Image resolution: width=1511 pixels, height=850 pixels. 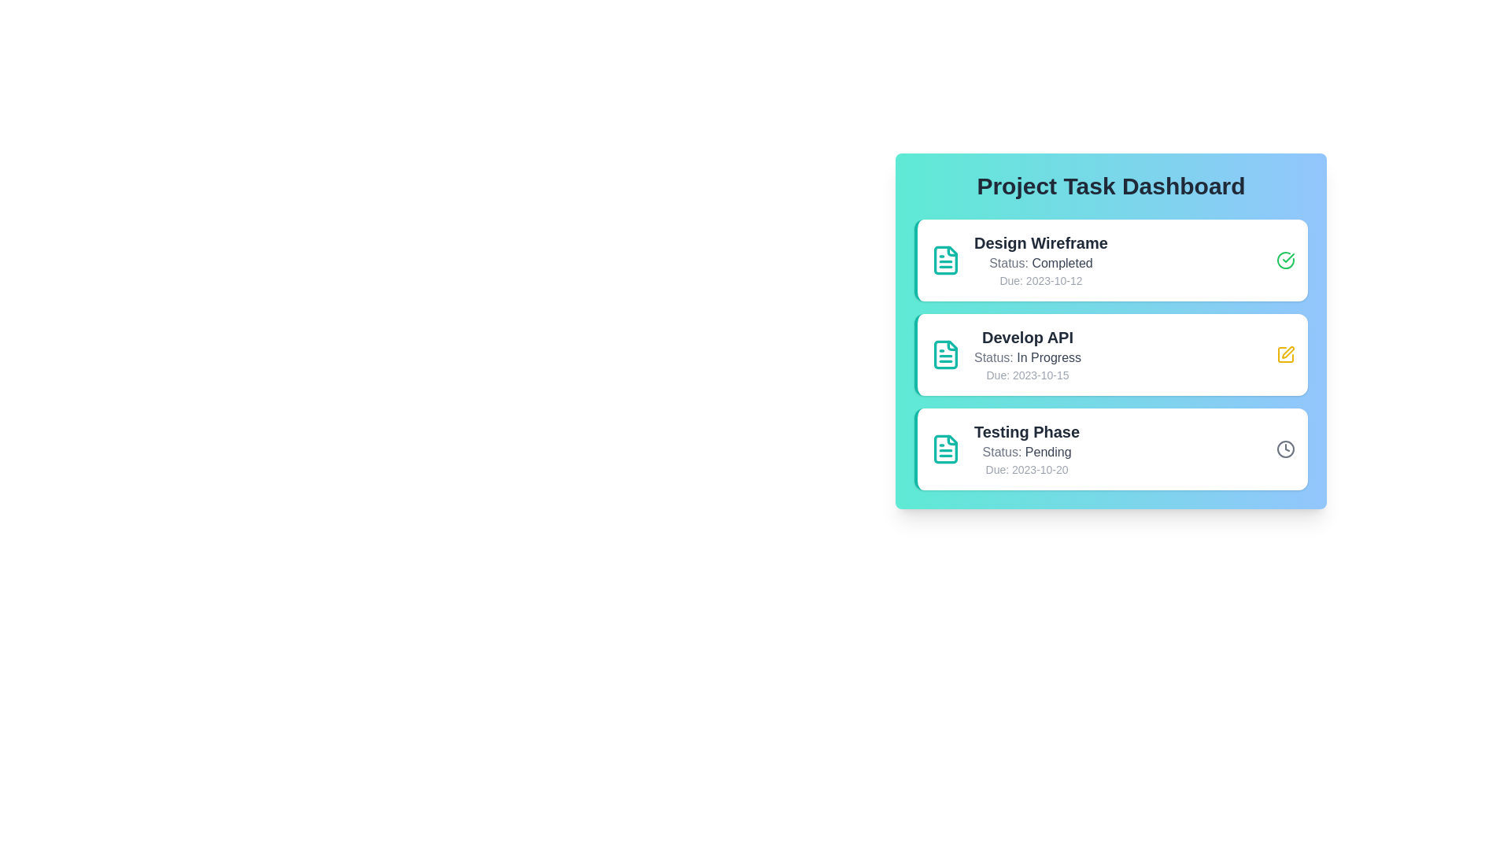 I want to click on the status icon for the task with status Completed, so click(x=1285, y=260).